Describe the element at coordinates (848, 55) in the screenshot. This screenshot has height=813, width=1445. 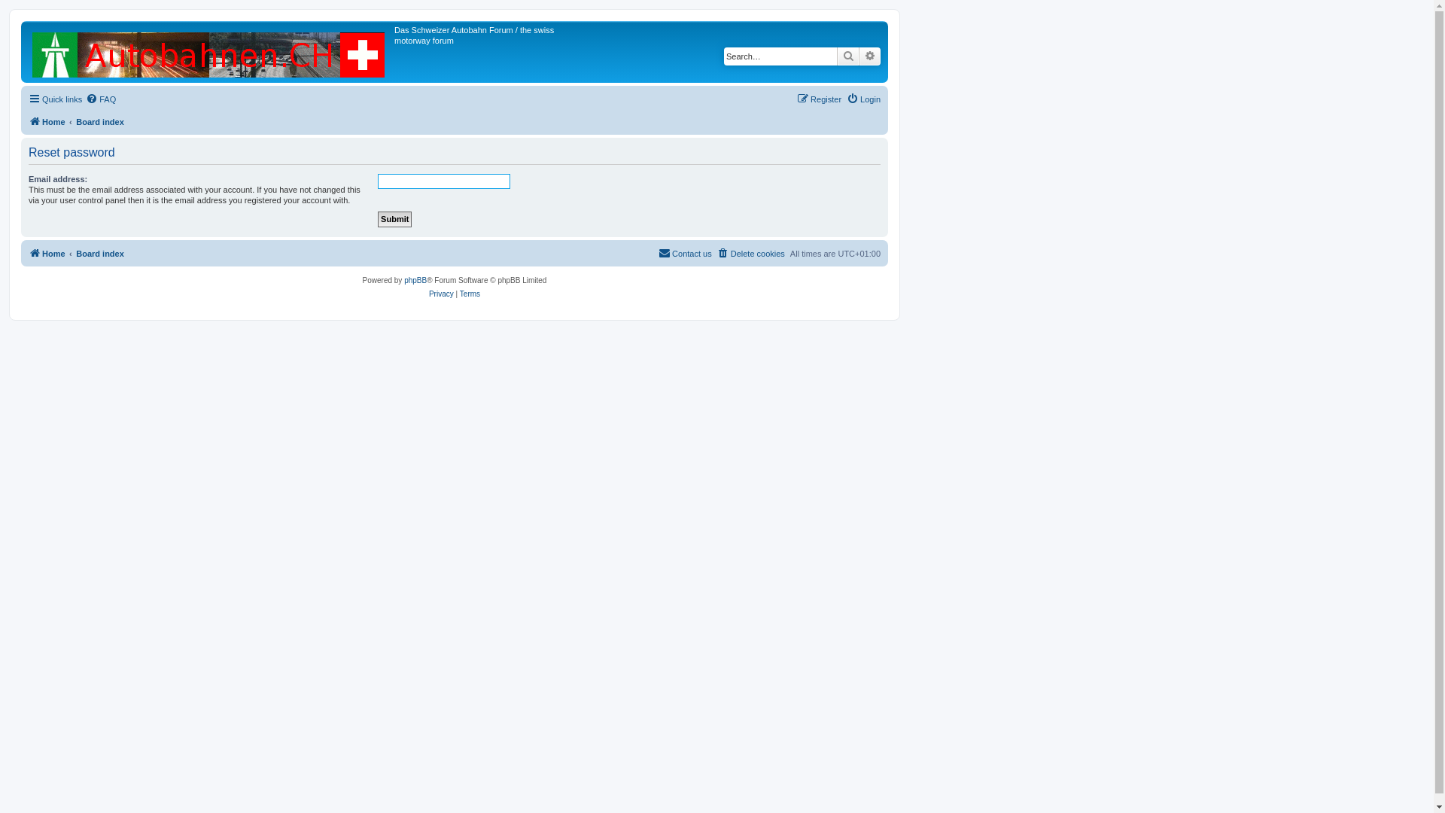
I see `'Search'` at that location.